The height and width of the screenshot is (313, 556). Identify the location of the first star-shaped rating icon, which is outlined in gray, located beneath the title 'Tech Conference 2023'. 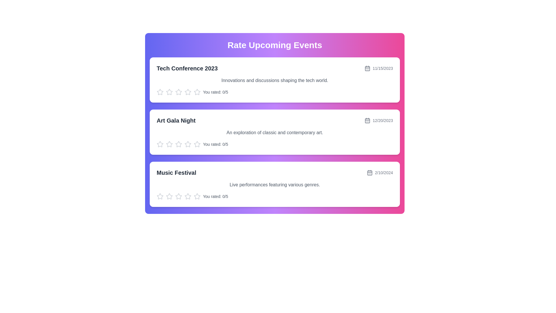
(160, 92).